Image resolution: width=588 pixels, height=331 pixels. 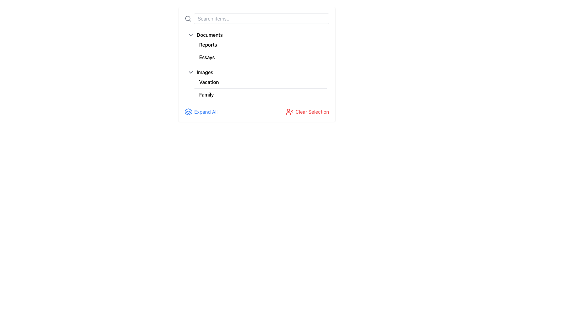 I want to click on the text label or button located in the lower-left section of the main area, which is to the right of a blue icon resembling layered squares, so click(x=206, y=112).